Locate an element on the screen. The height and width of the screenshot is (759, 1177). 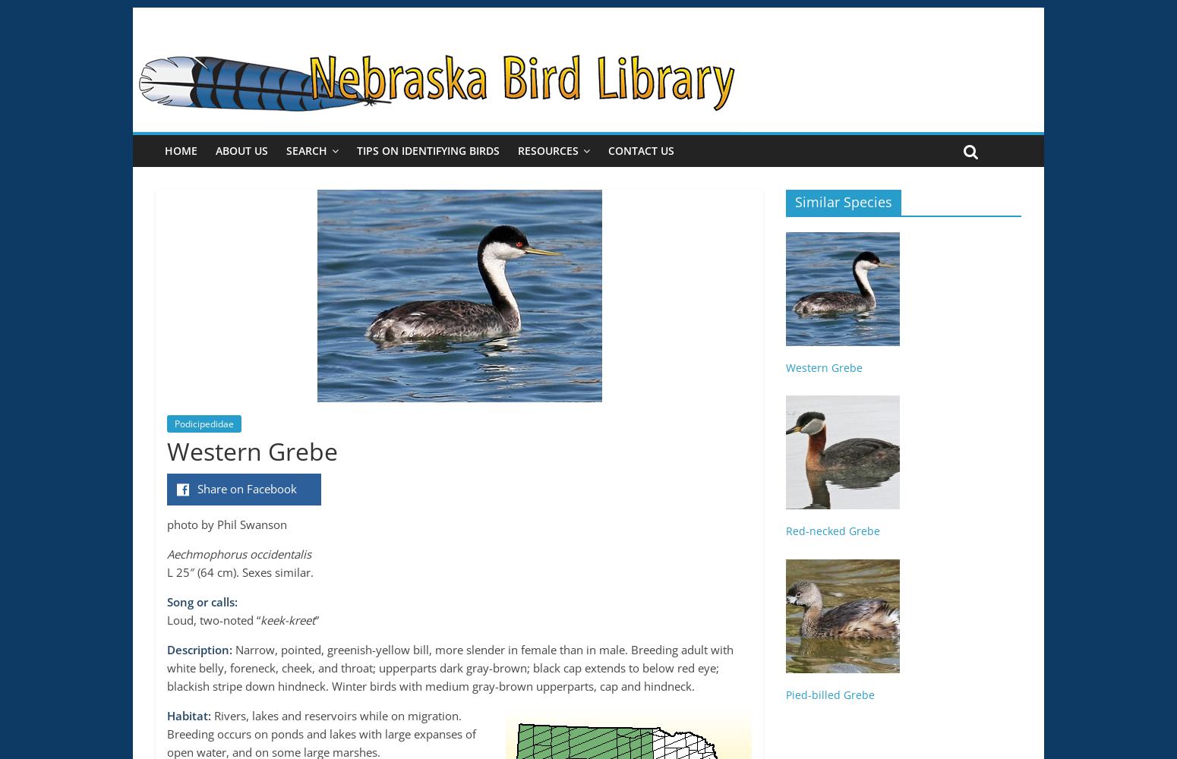
'Narrow, pointed, greenish-yellow bill, more slender in female than in male. Breeding adult with white belly, foreneck, cheek, and throat; upperparts dark gray-brown; black cap extends to below red eye; blackish stripe down hindneck. Winter birds with medium gray-brown upperparts, cap and hindneck.' is located at coordinates (450, 668).